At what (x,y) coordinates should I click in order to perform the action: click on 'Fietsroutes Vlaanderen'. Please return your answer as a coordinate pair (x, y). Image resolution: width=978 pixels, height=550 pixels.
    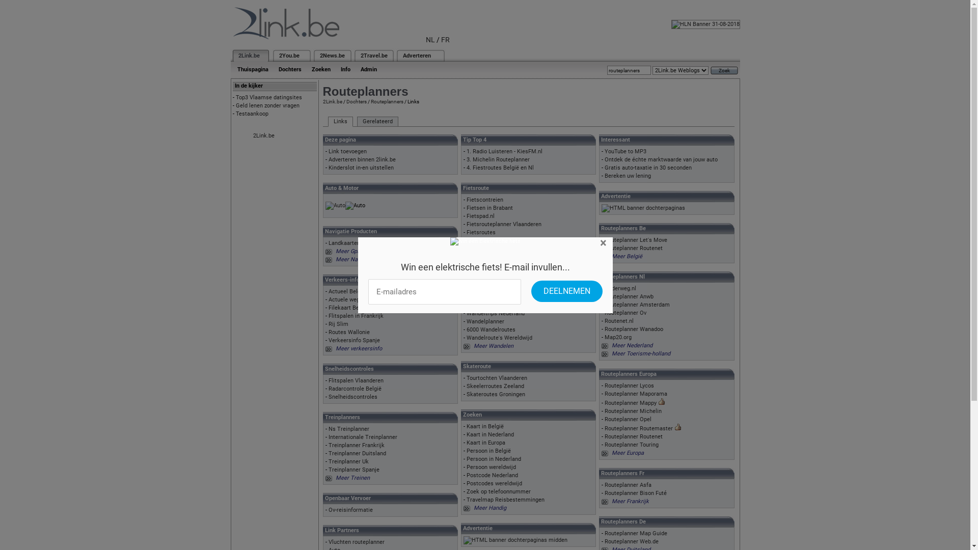
    Looking at the image, I should click on (496, 249).